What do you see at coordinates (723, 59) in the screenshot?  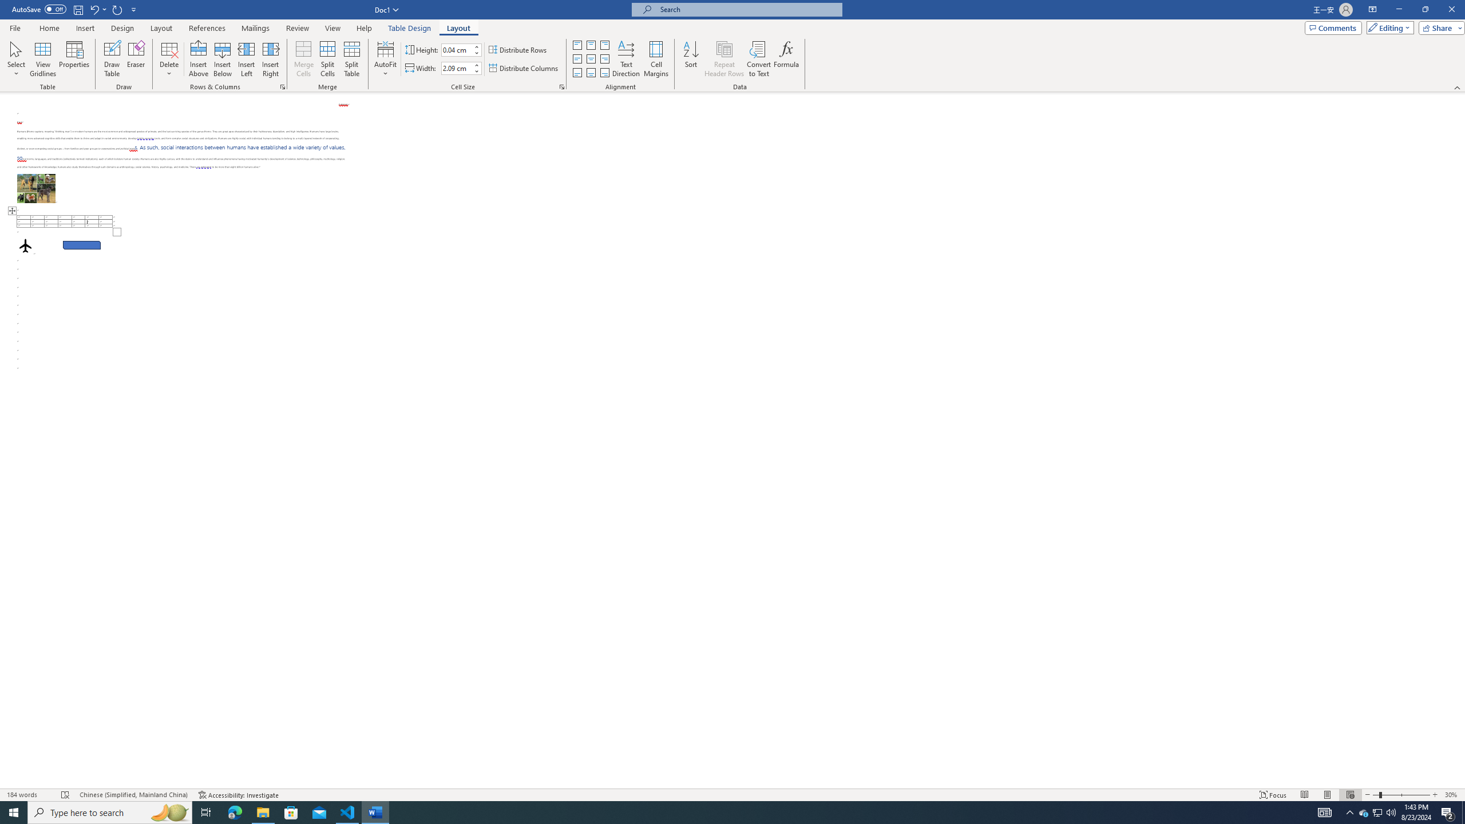 I see `'Repeat Header Rows'` at bounding box center [723, 59].